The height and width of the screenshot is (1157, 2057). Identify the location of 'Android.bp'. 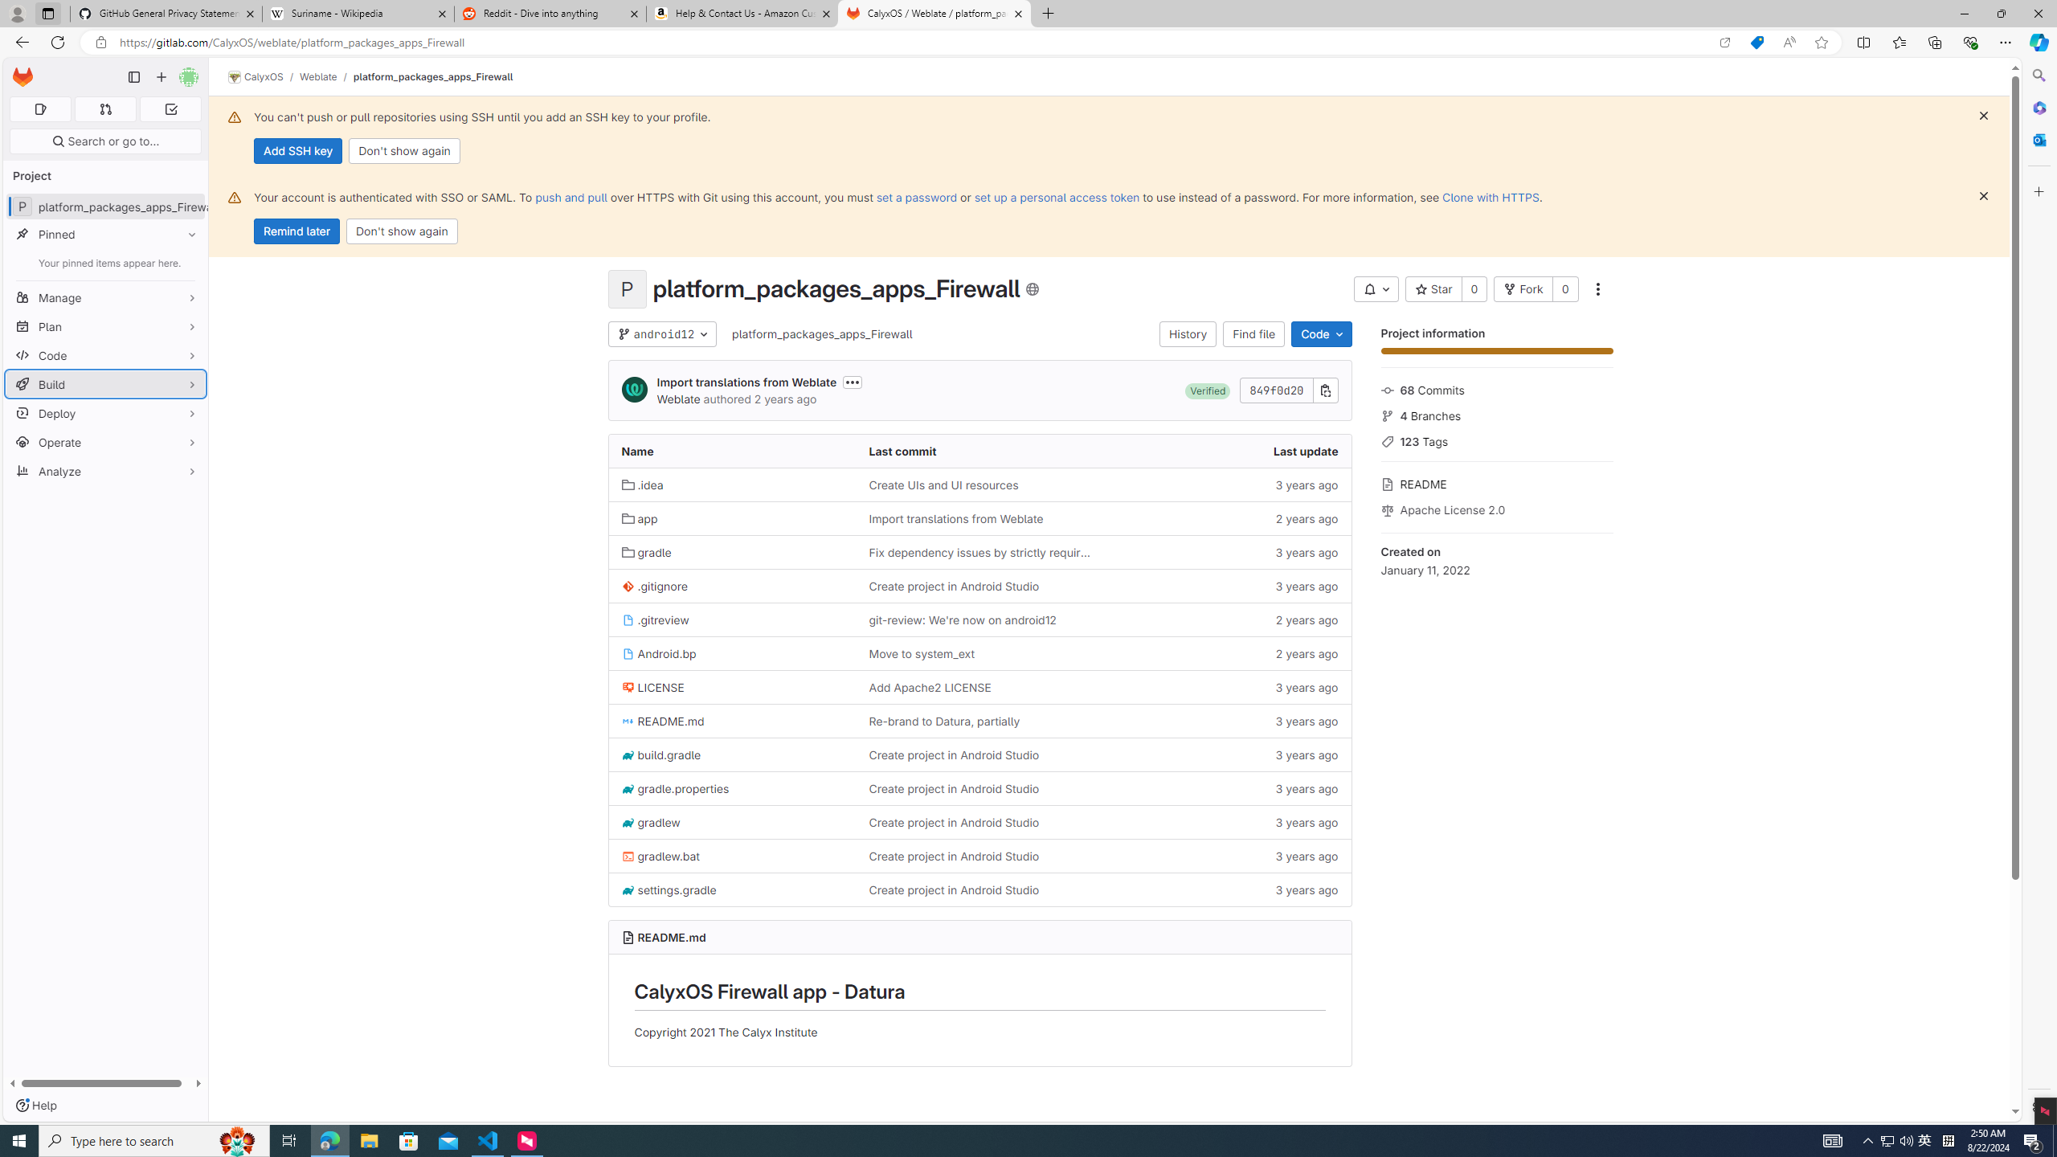
(658, 652).